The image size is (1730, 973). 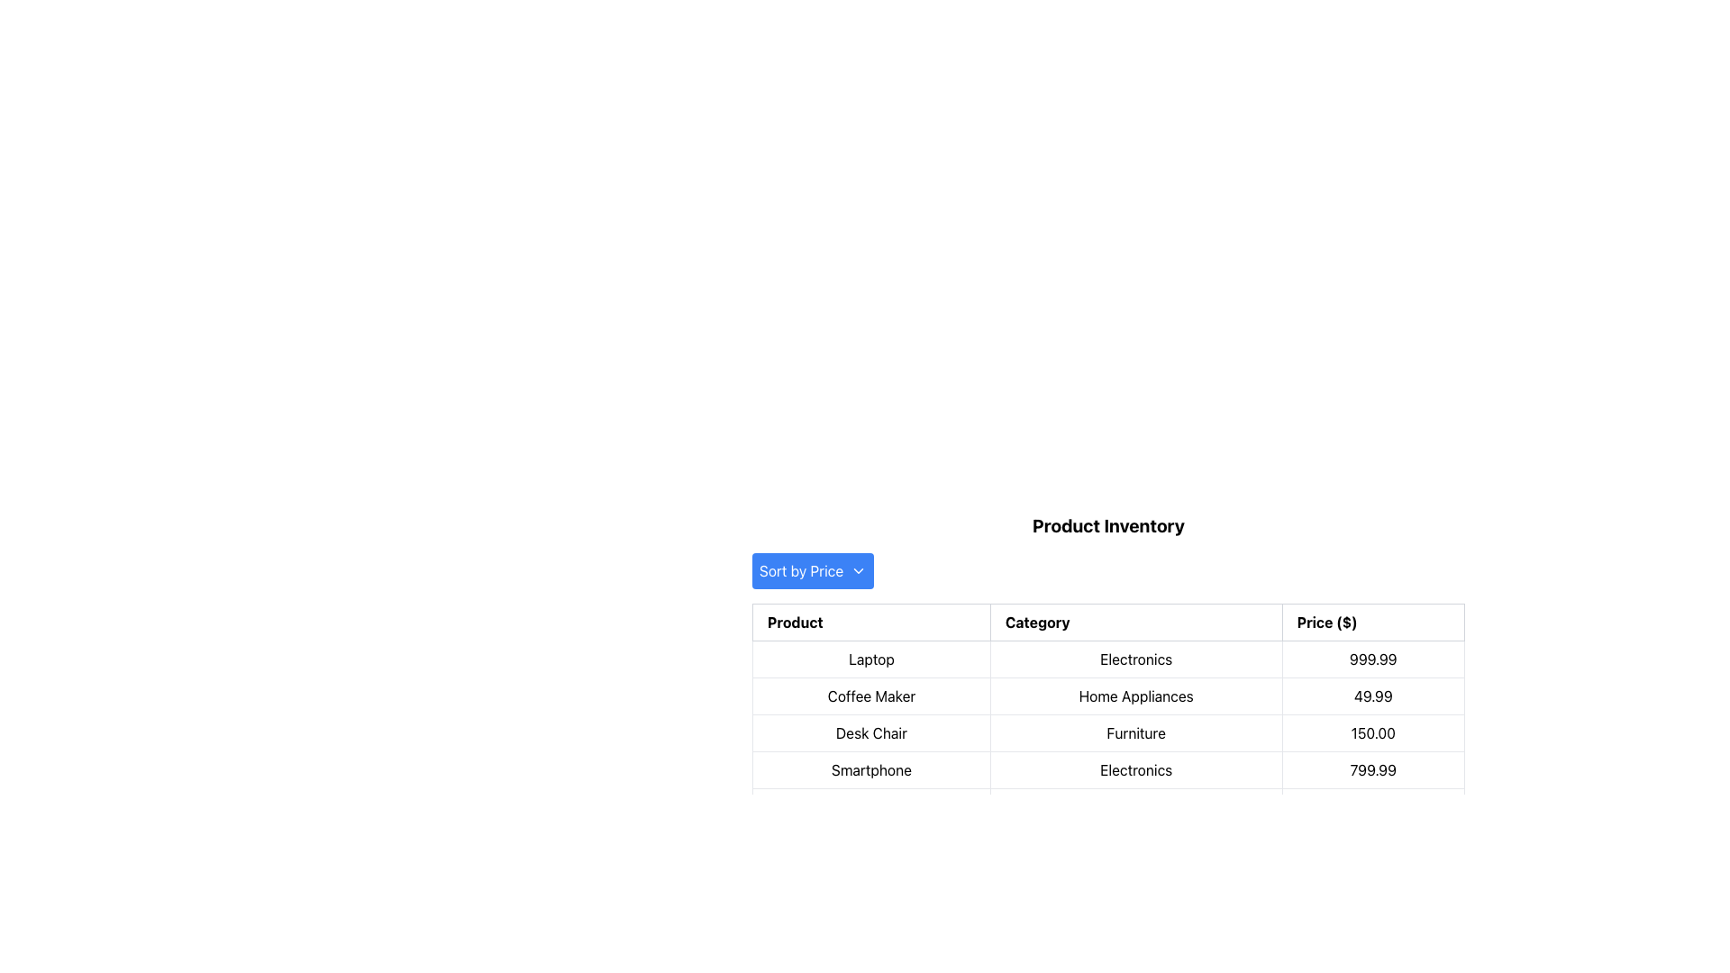 I want to click on the Header text element that serves as the title for the product inventory section, which is positioned centrally above the 'Sort by Price' button, so click(x=1107, y=525).